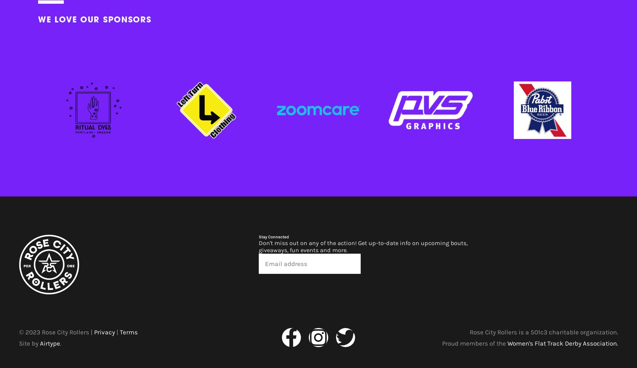 This screenshot has width=637, height=368. What do you see at coordinates (60, 343) in the screenshot?
I see `'.'` at bounding box center [60, 343].